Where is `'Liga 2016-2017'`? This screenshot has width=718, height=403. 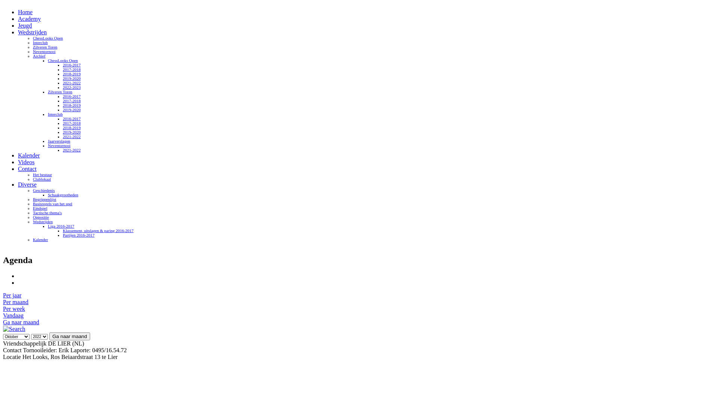
'Liga 2016-2017' is located at coordinates (61, 225).